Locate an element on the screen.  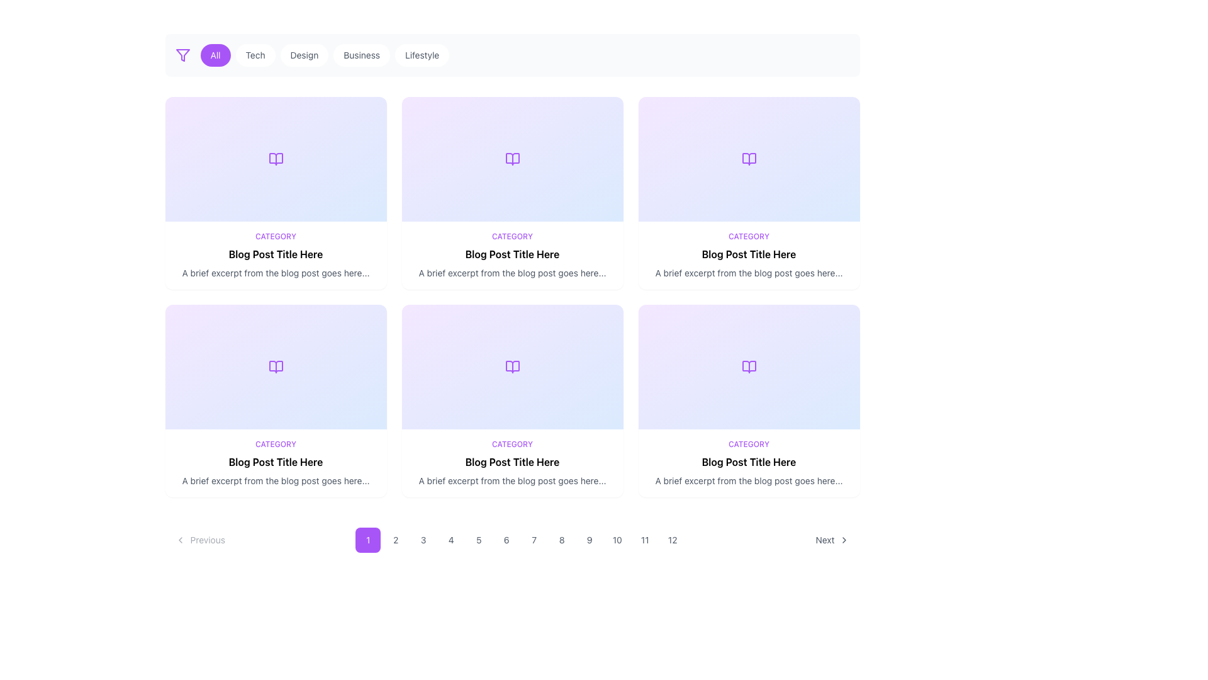
the circular pagination button with the white number '8' is located at coordinates (561, 539).